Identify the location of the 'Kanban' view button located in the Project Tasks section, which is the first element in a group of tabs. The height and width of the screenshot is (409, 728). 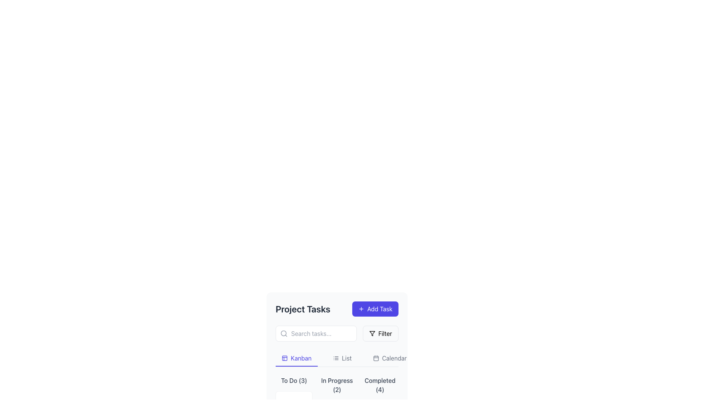
(296, 358).